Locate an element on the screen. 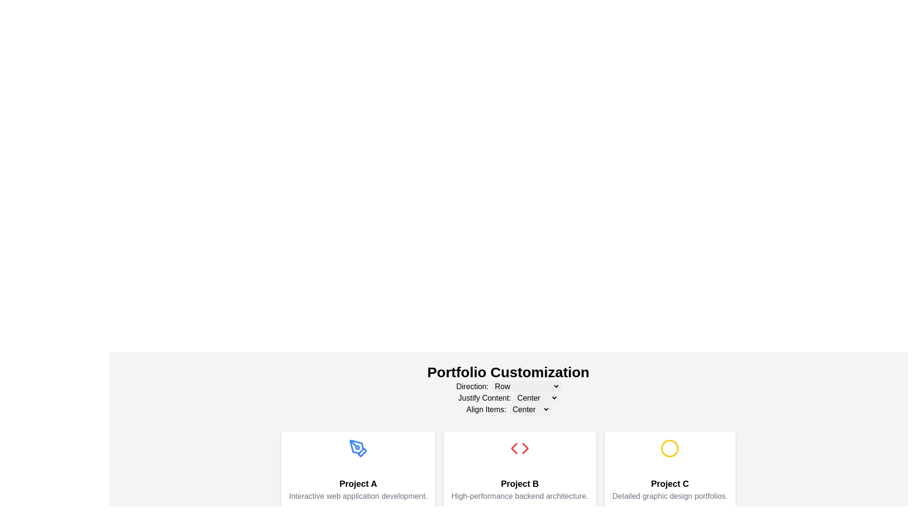 The width and height of the screenshot is (920, 517). the Card component representing 'Project C' is located at coordinates (669, 470).